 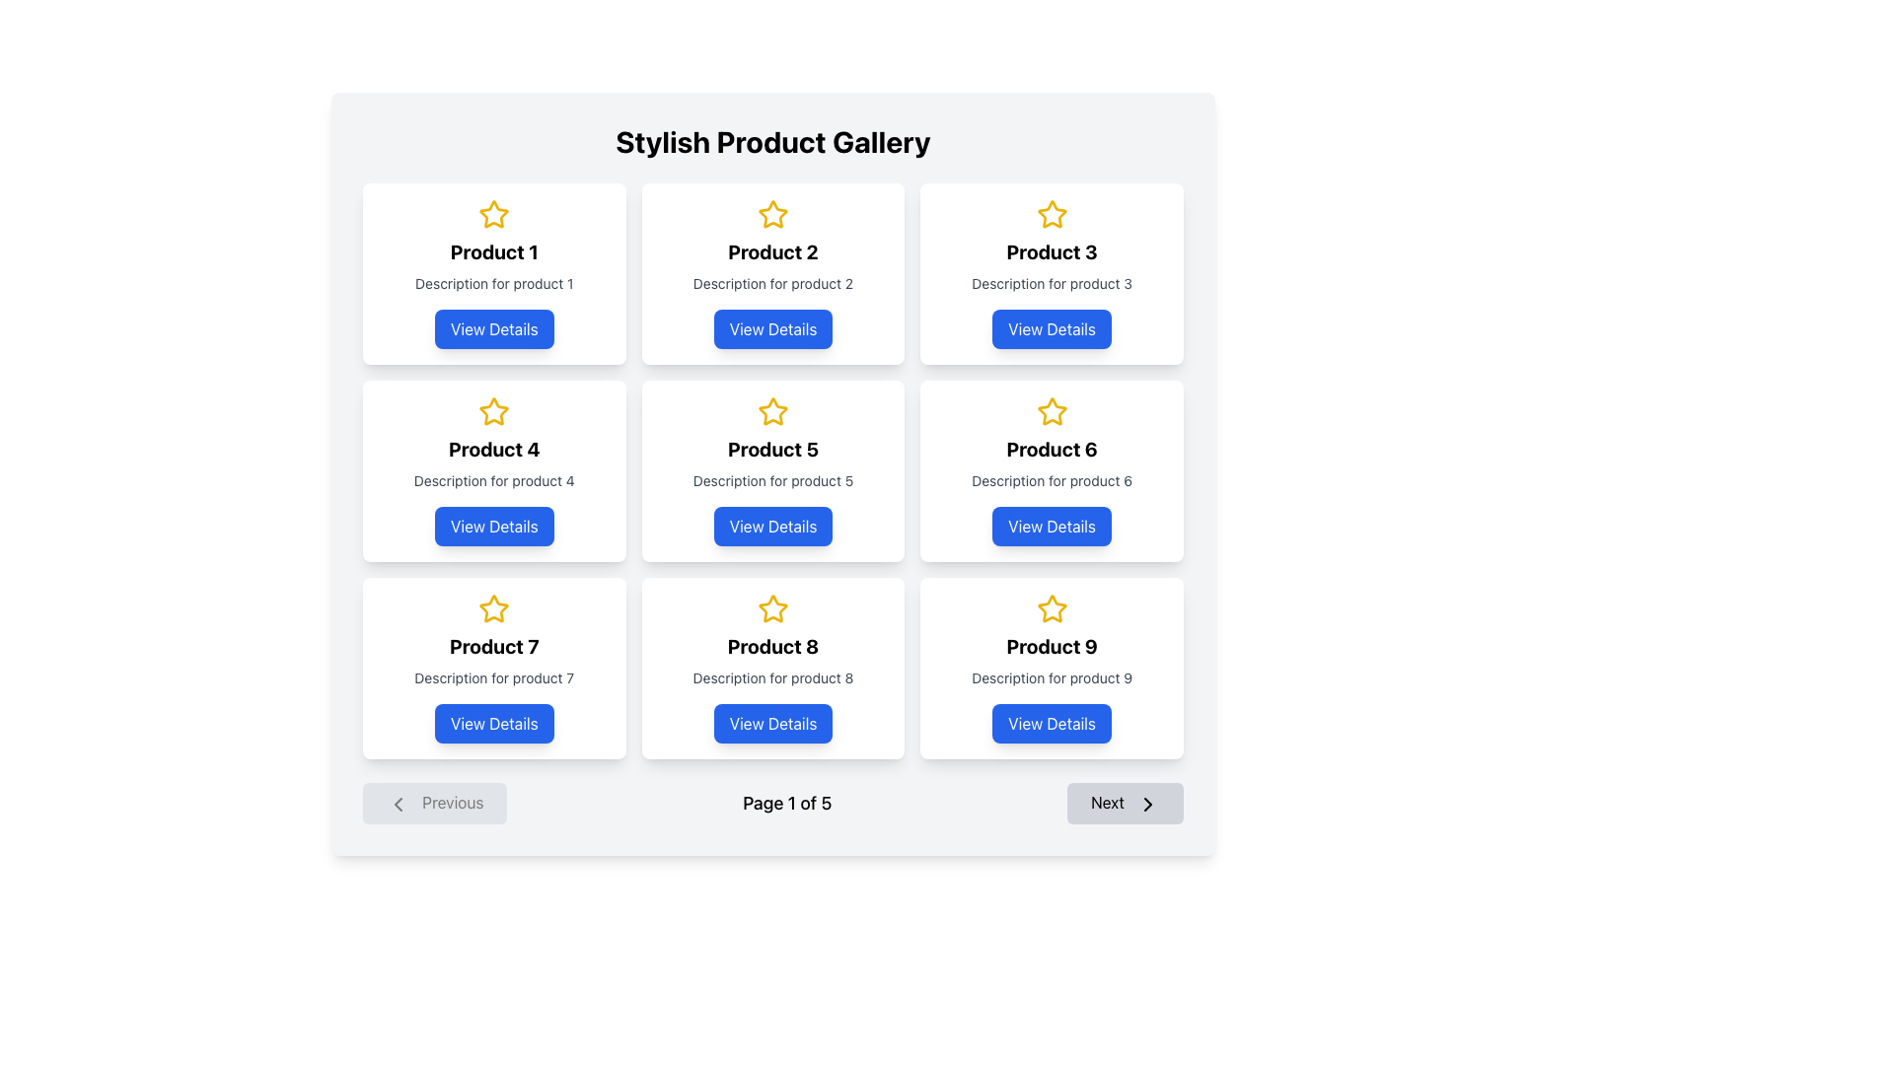 I want to click on the product card displaying information about 'Product 9' located in the ninth position of a 3x3 grid layout, so click(x=1051, y=668).